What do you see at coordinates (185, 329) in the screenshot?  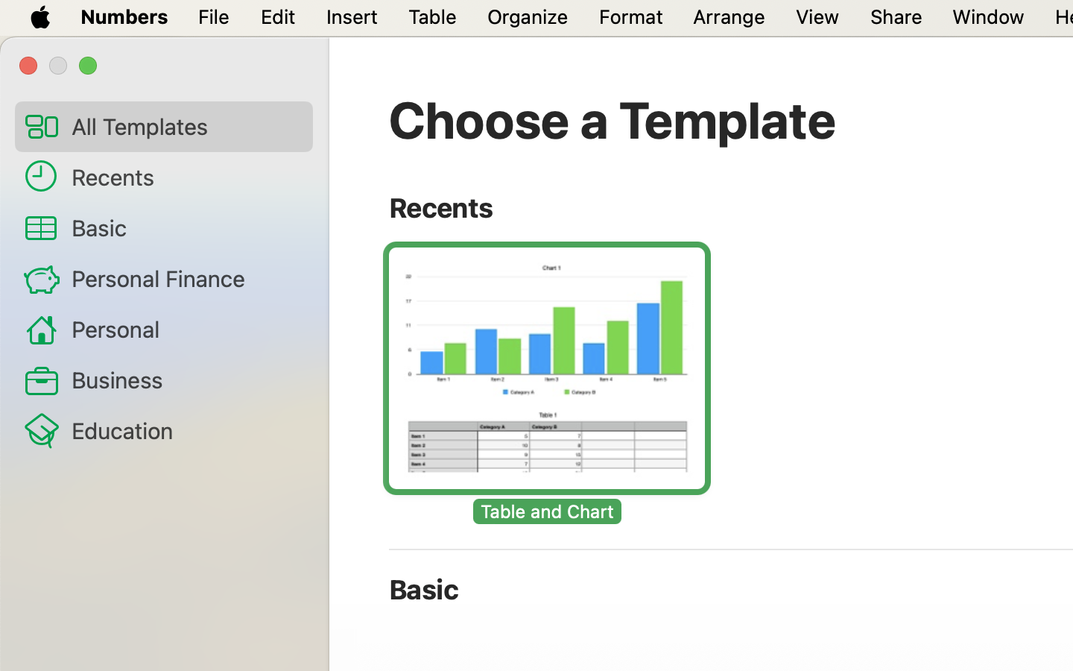 I see `'Personal'` at bounding box center [185, 329].